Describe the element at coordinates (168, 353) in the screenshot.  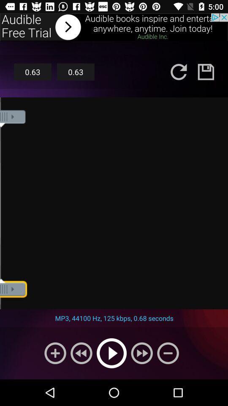
I see `the minus icon` at that location.